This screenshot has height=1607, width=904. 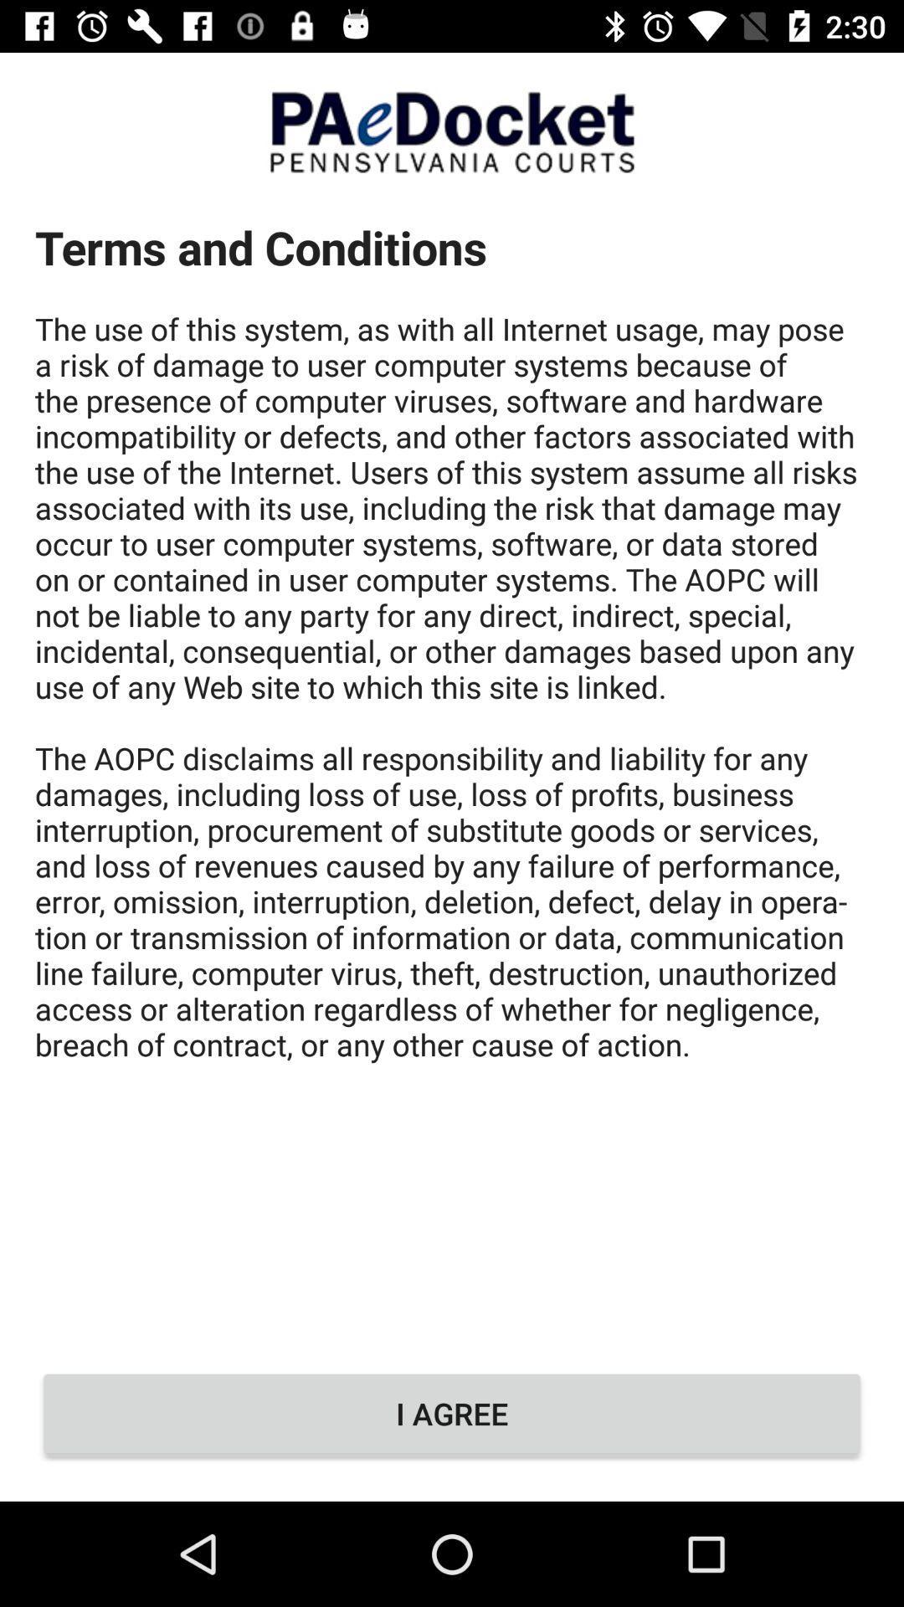 What do you see at coordinates (452, 768) in the screenshot?
I see `terms and conditions at the center` at bounding box center [452, 768].